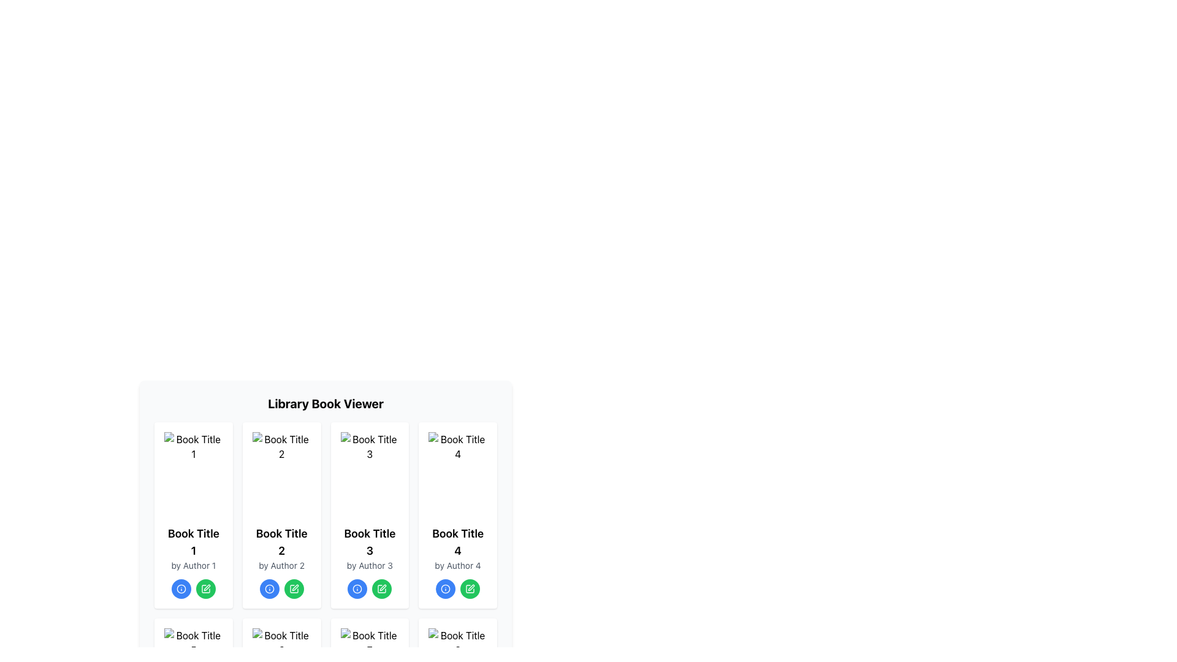 The height and width of the screenshot is (662, 1177). Describe the element at coordinates (357, 588) in the screenshot. I see `the button located at the bottom left corner of the third card in a grid of four cards, beneath the 'Book Title 3' text and to the left of the green pencil icon button` at that location.